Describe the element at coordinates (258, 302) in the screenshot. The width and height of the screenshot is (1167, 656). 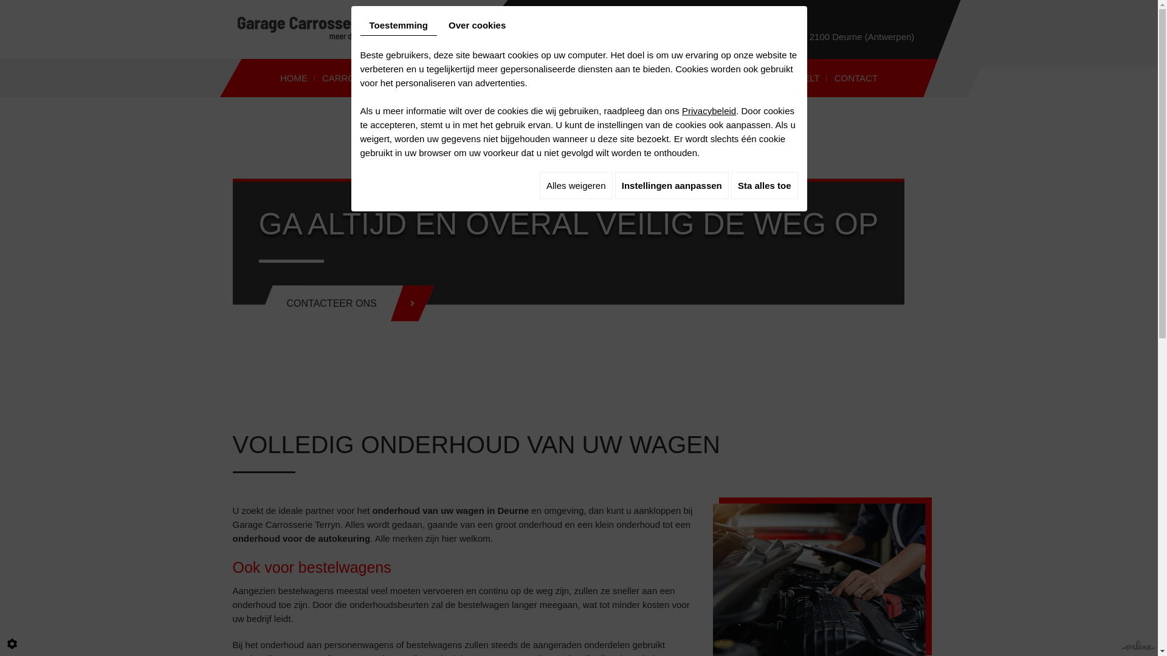
I see `'CONTACTEER ONS'` at that location.